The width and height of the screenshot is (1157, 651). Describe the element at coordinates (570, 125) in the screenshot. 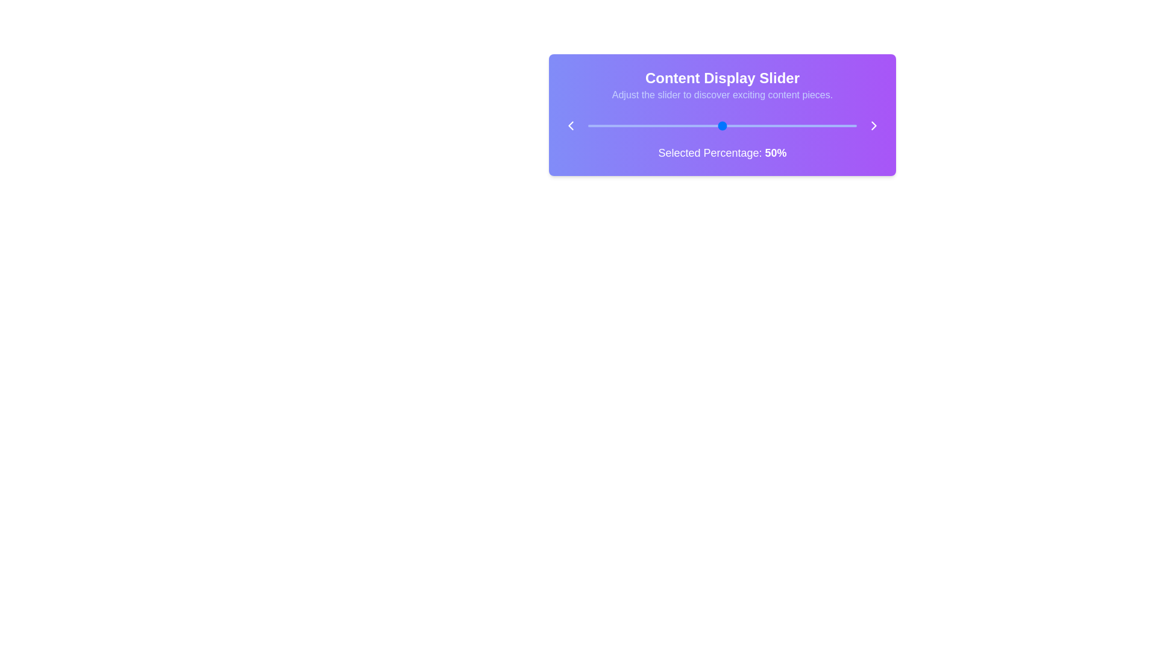

I see `the left chevron icon to move the slider content to the previous item` at that location.